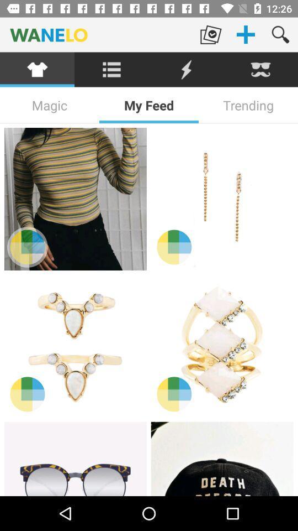  What do you see at coordinates (74, 459) in the screenshot?
I see `choose your object` at bounding box center [74, 459].